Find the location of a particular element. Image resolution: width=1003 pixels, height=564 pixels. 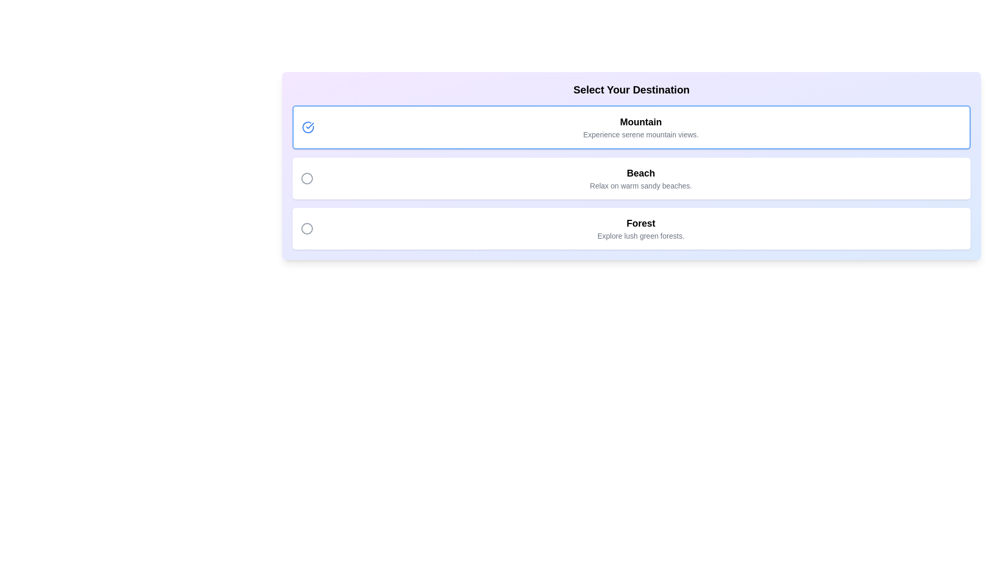

the selectable card is located at coordinates (631, 126).